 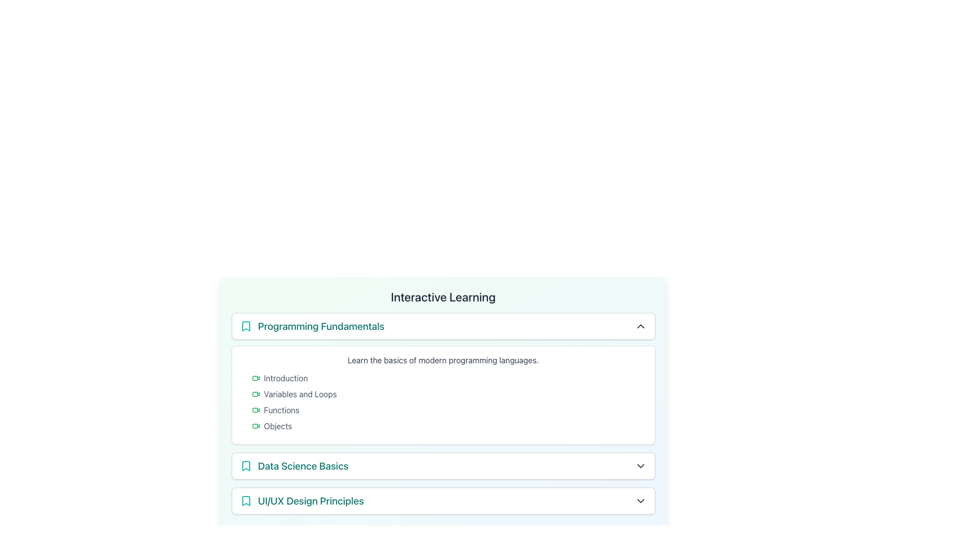 I want to click on the text label representing the 'Objects' topic heading located in the 'Programming Fundamentals' section, which is the fourth item in the vertical list of topics, so click(x=278, y=426).